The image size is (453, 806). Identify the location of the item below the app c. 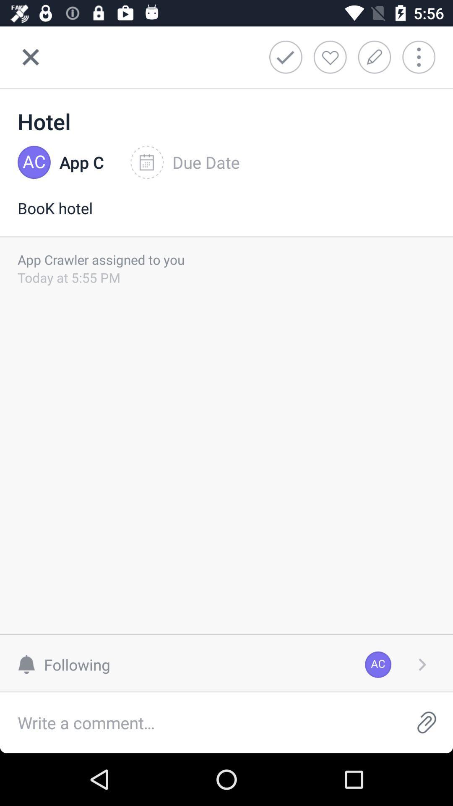
(226, 217).